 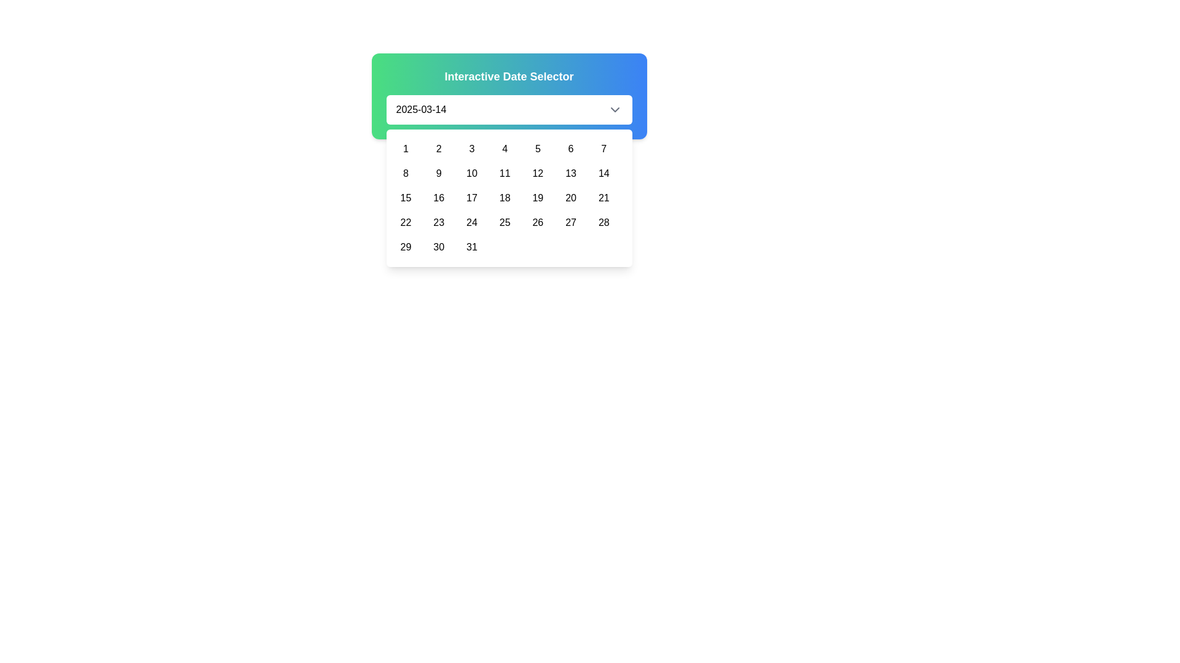 I want to click on the date selection button for '15' in the calendar interface to observe the visual reaction, so click(x=406, y=198).